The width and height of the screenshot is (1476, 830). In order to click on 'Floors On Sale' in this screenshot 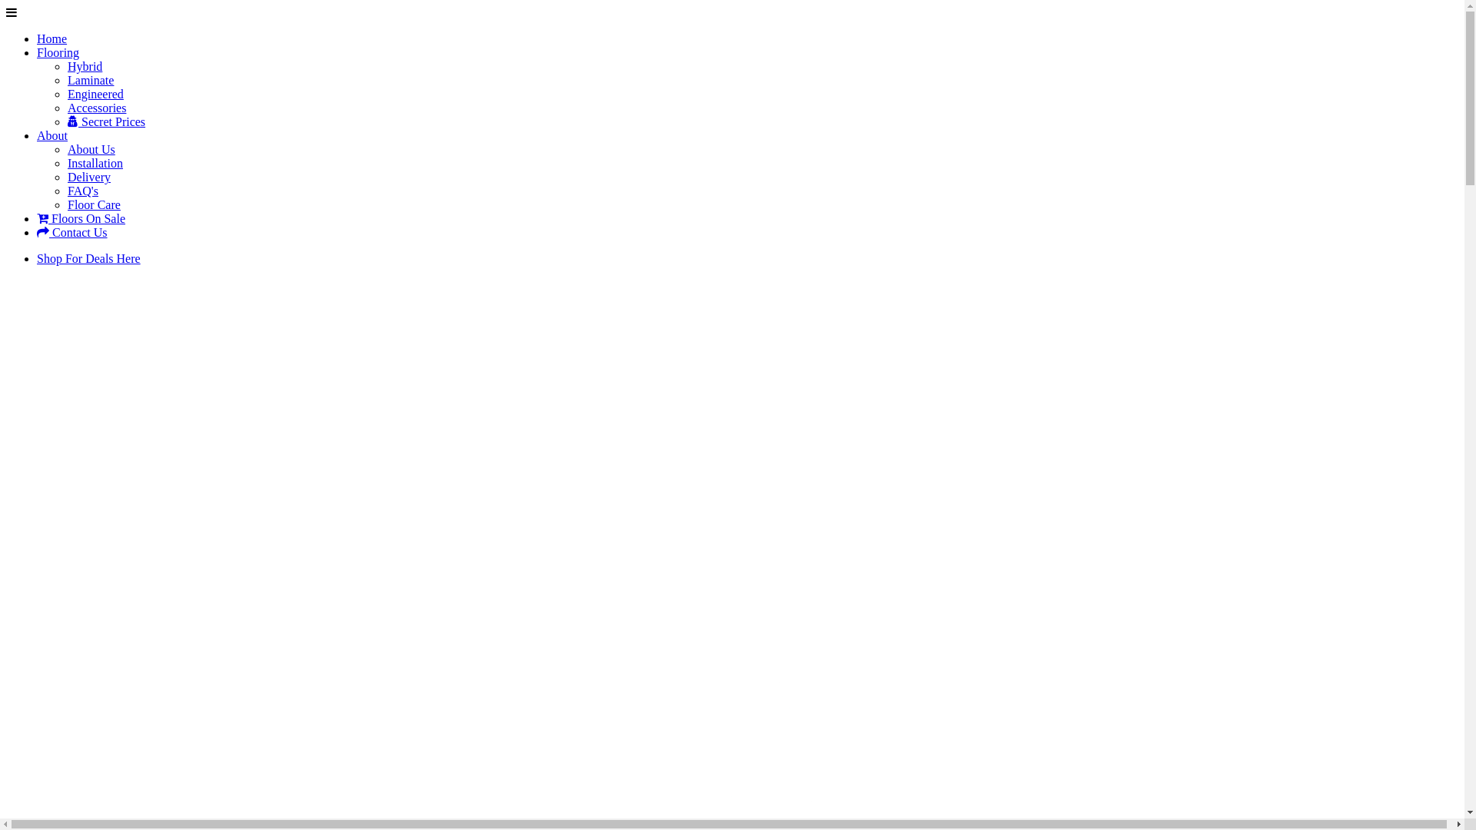, I will do `click(80, 218)`.